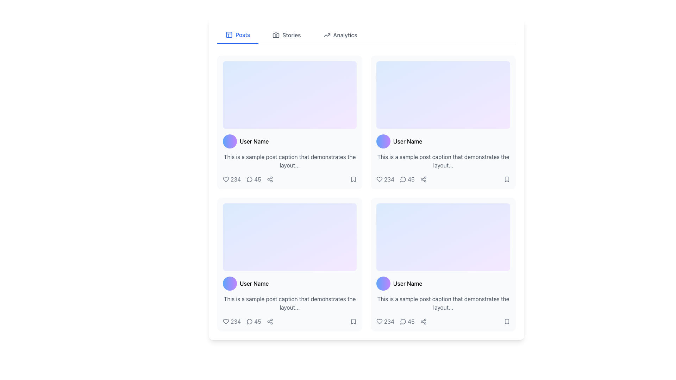  Describe the element at coordinates (353, 322) in the screenshot. I see `the bookmark button located at the bottom-right corner of the card component` at that location.